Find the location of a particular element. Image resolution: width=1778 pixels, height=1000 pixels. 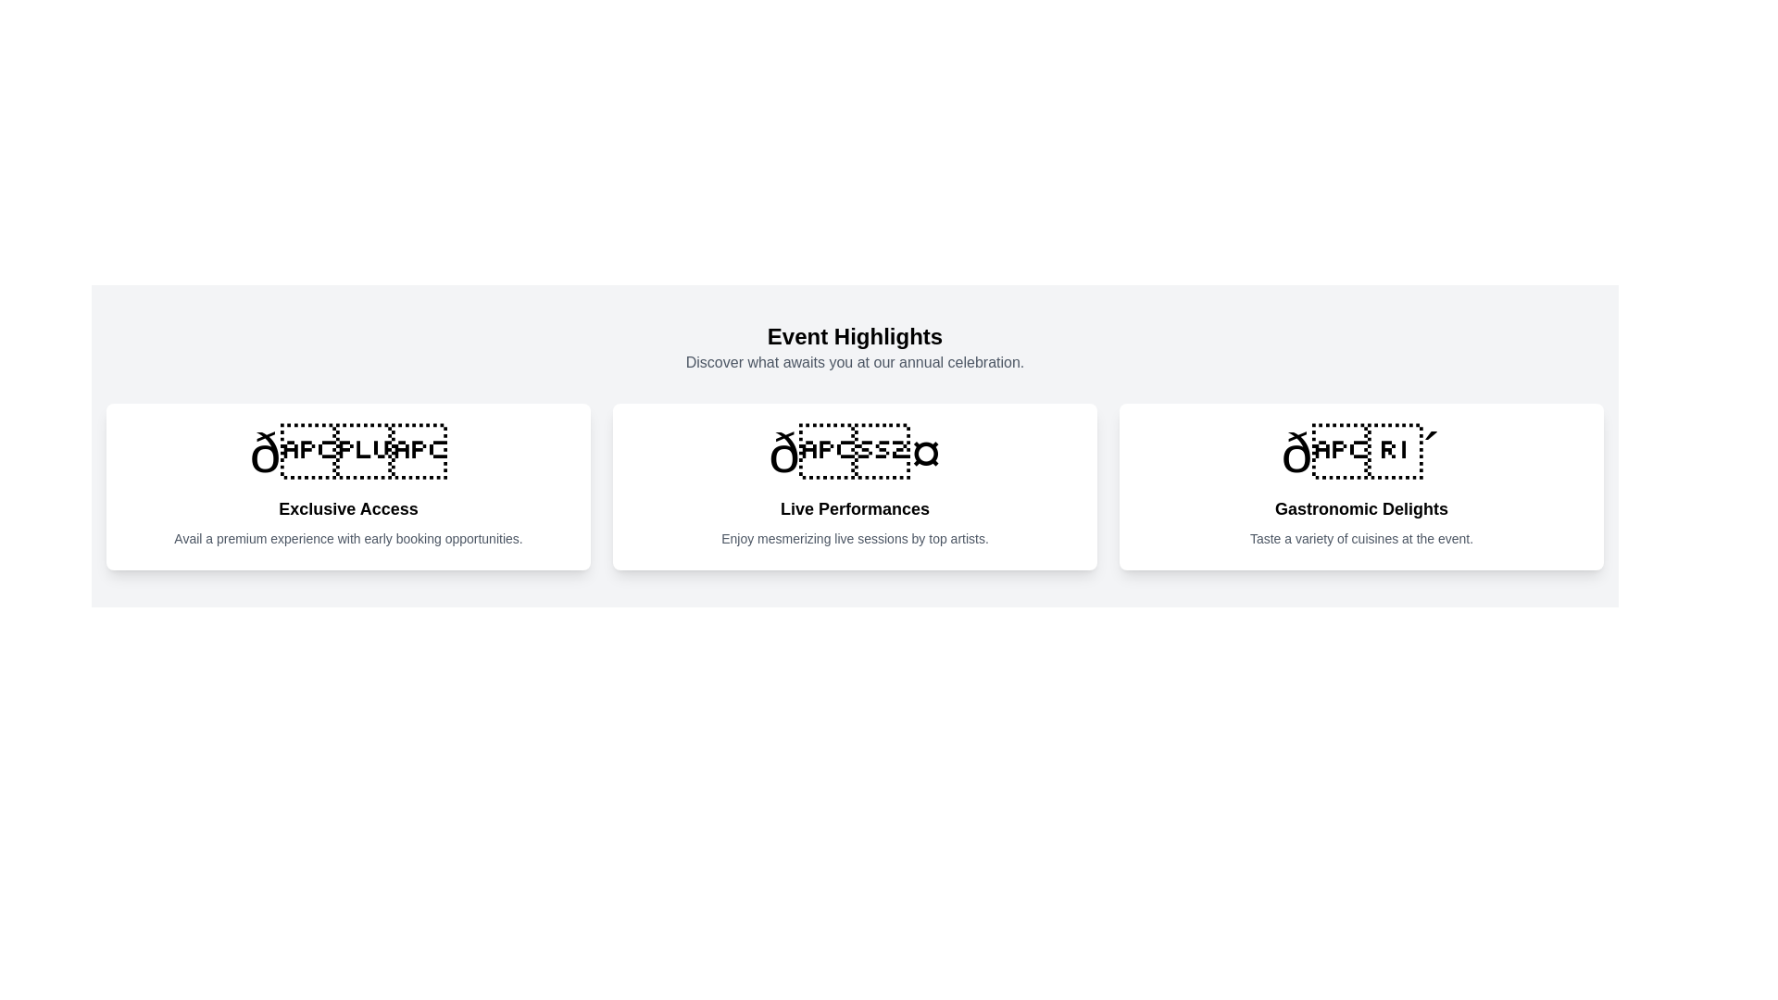

the Information card is located at coordinates (854, 485).